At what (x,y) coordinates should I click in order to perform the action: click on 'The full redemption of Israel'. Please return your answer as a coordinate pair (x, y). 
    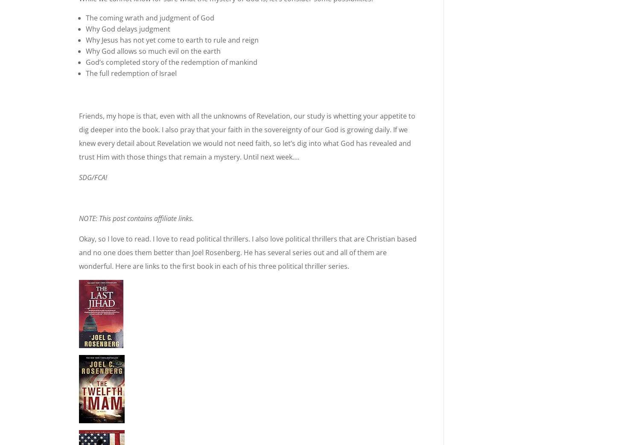
    Looking at the image, I should click on (131, 73).